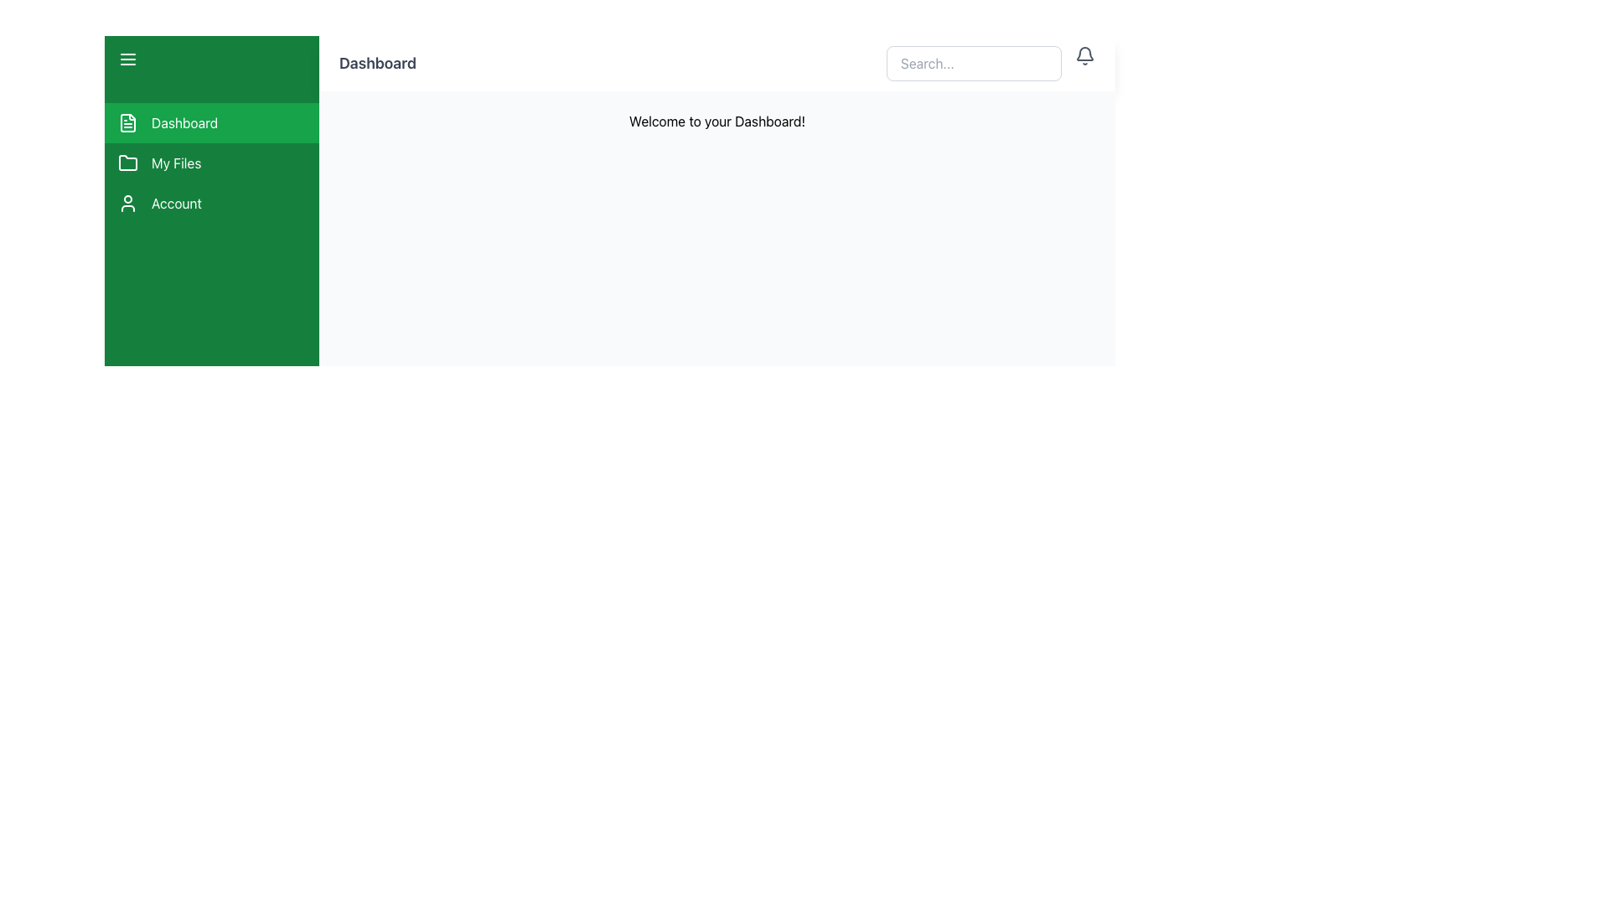  Describe the element at coordinates (177, 203) in the screenshot. I see `the 'Account' navigation label located in the sidebar menu, positioned to the right of the user icon and below the 'My Files' menu item` at that location.